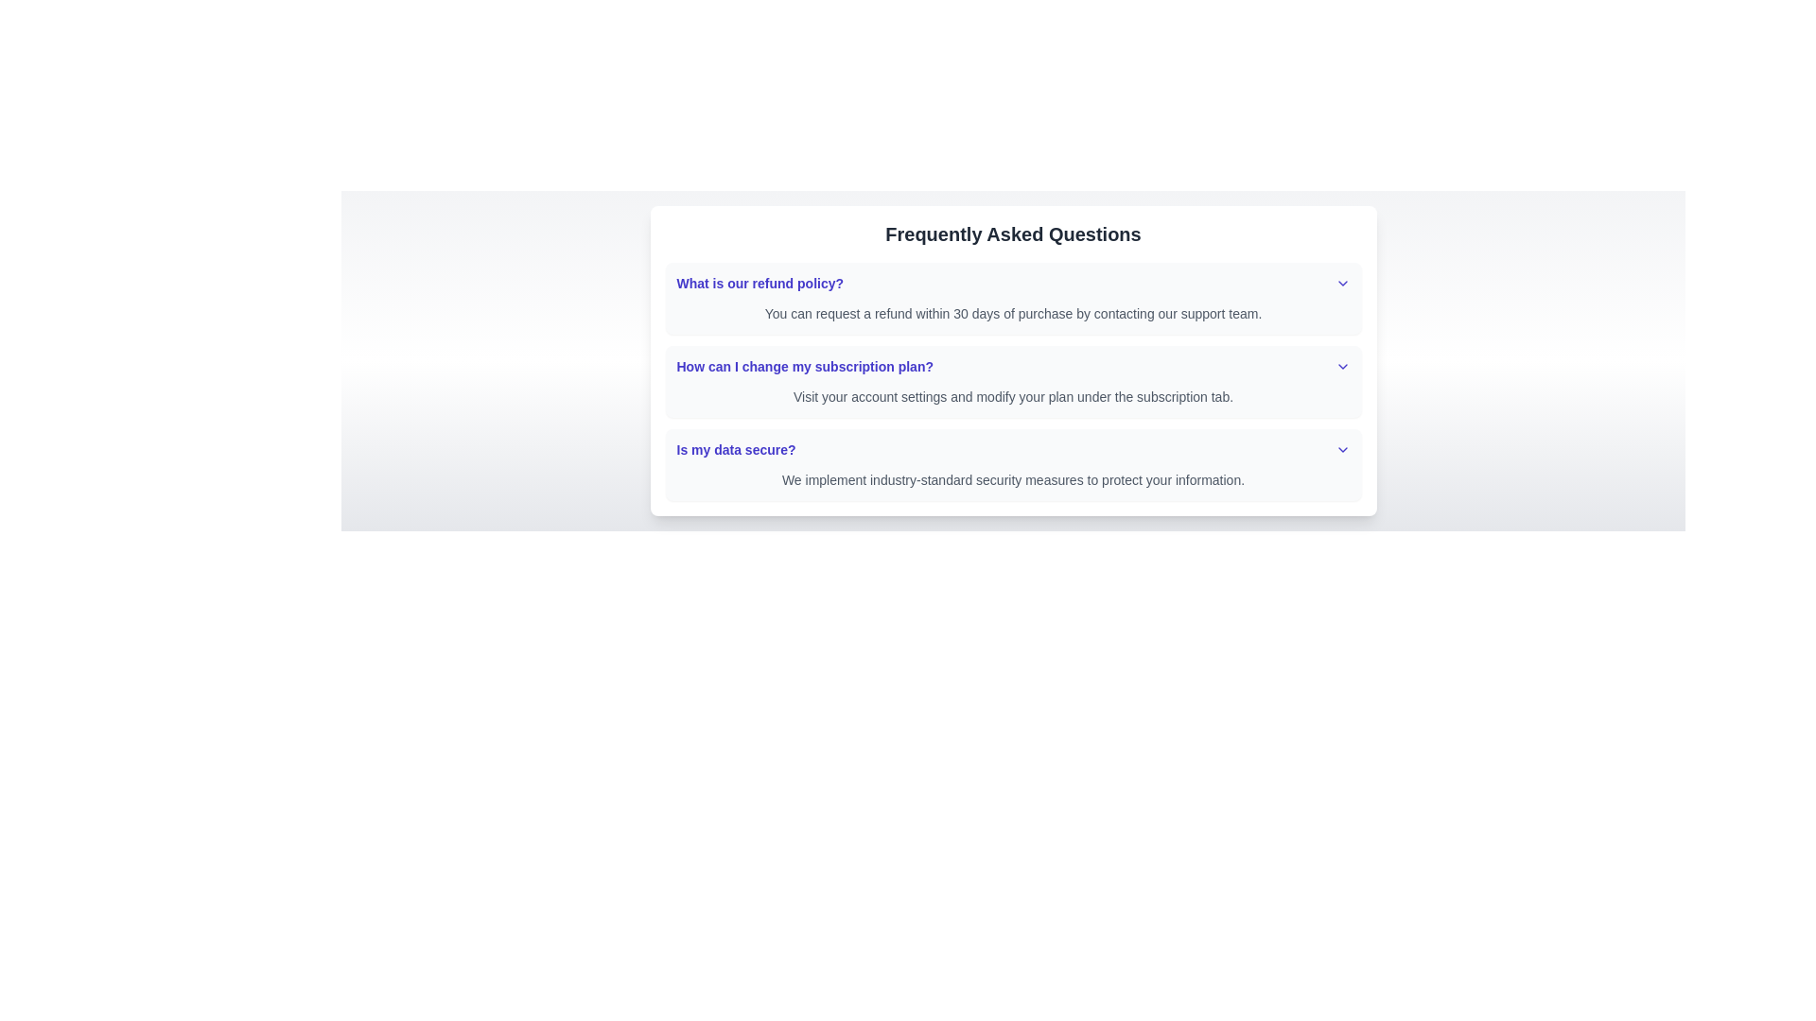 This screenshot has height=1021, width=1816. I want to click on the second Collapsible FAQ item that addresses 'How can I change my subscription plan?', so click(1012, 360).